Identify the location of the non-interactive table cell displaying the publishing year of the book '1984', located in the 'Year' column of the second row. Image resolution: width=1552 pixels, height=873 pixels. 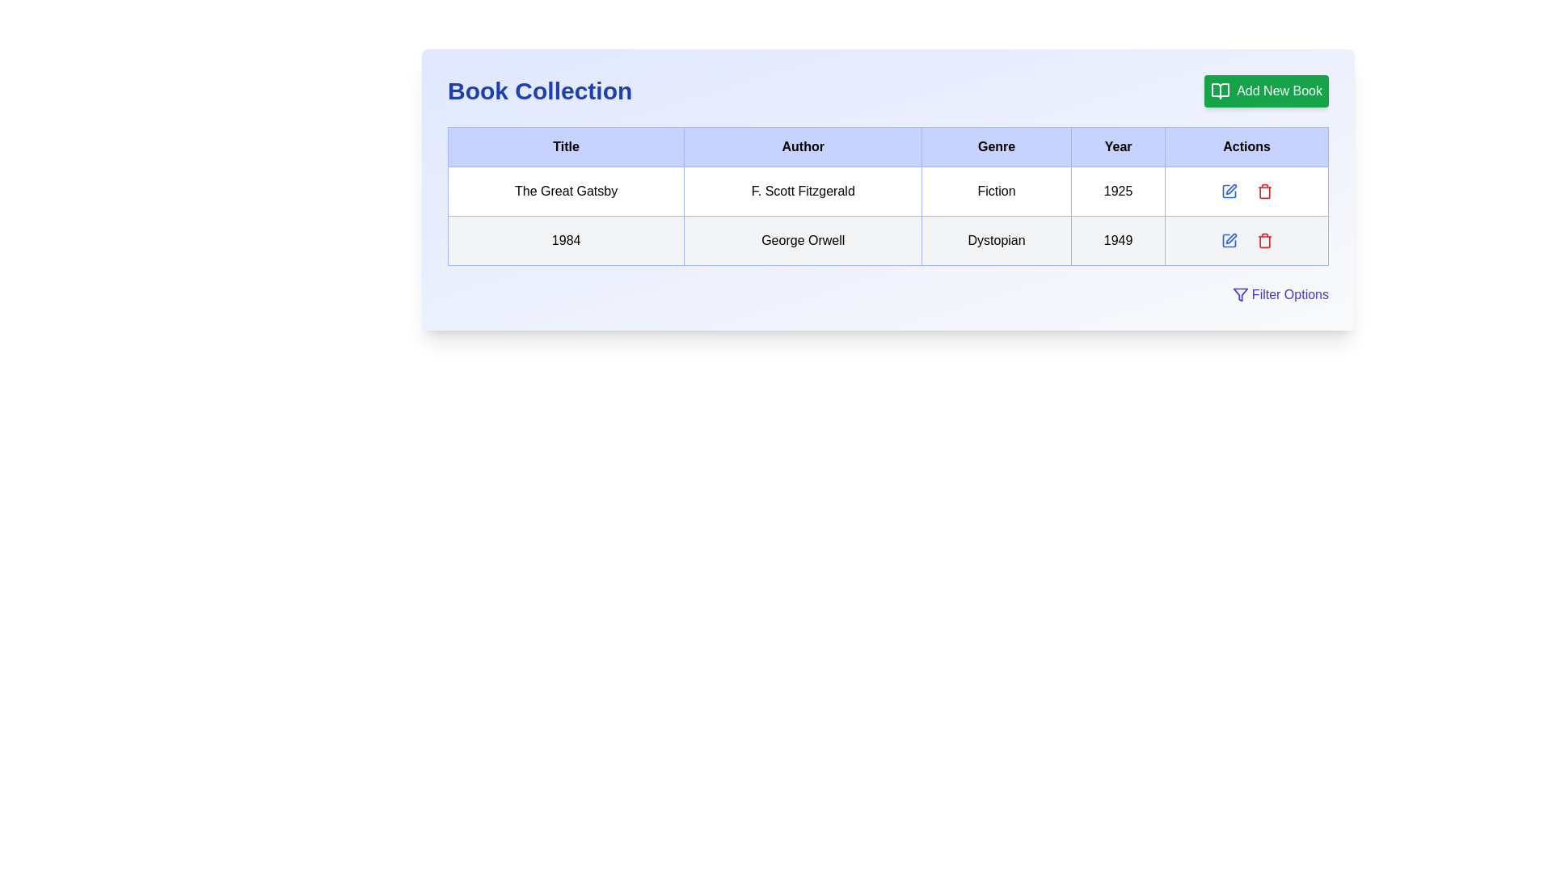
(1117, 240).